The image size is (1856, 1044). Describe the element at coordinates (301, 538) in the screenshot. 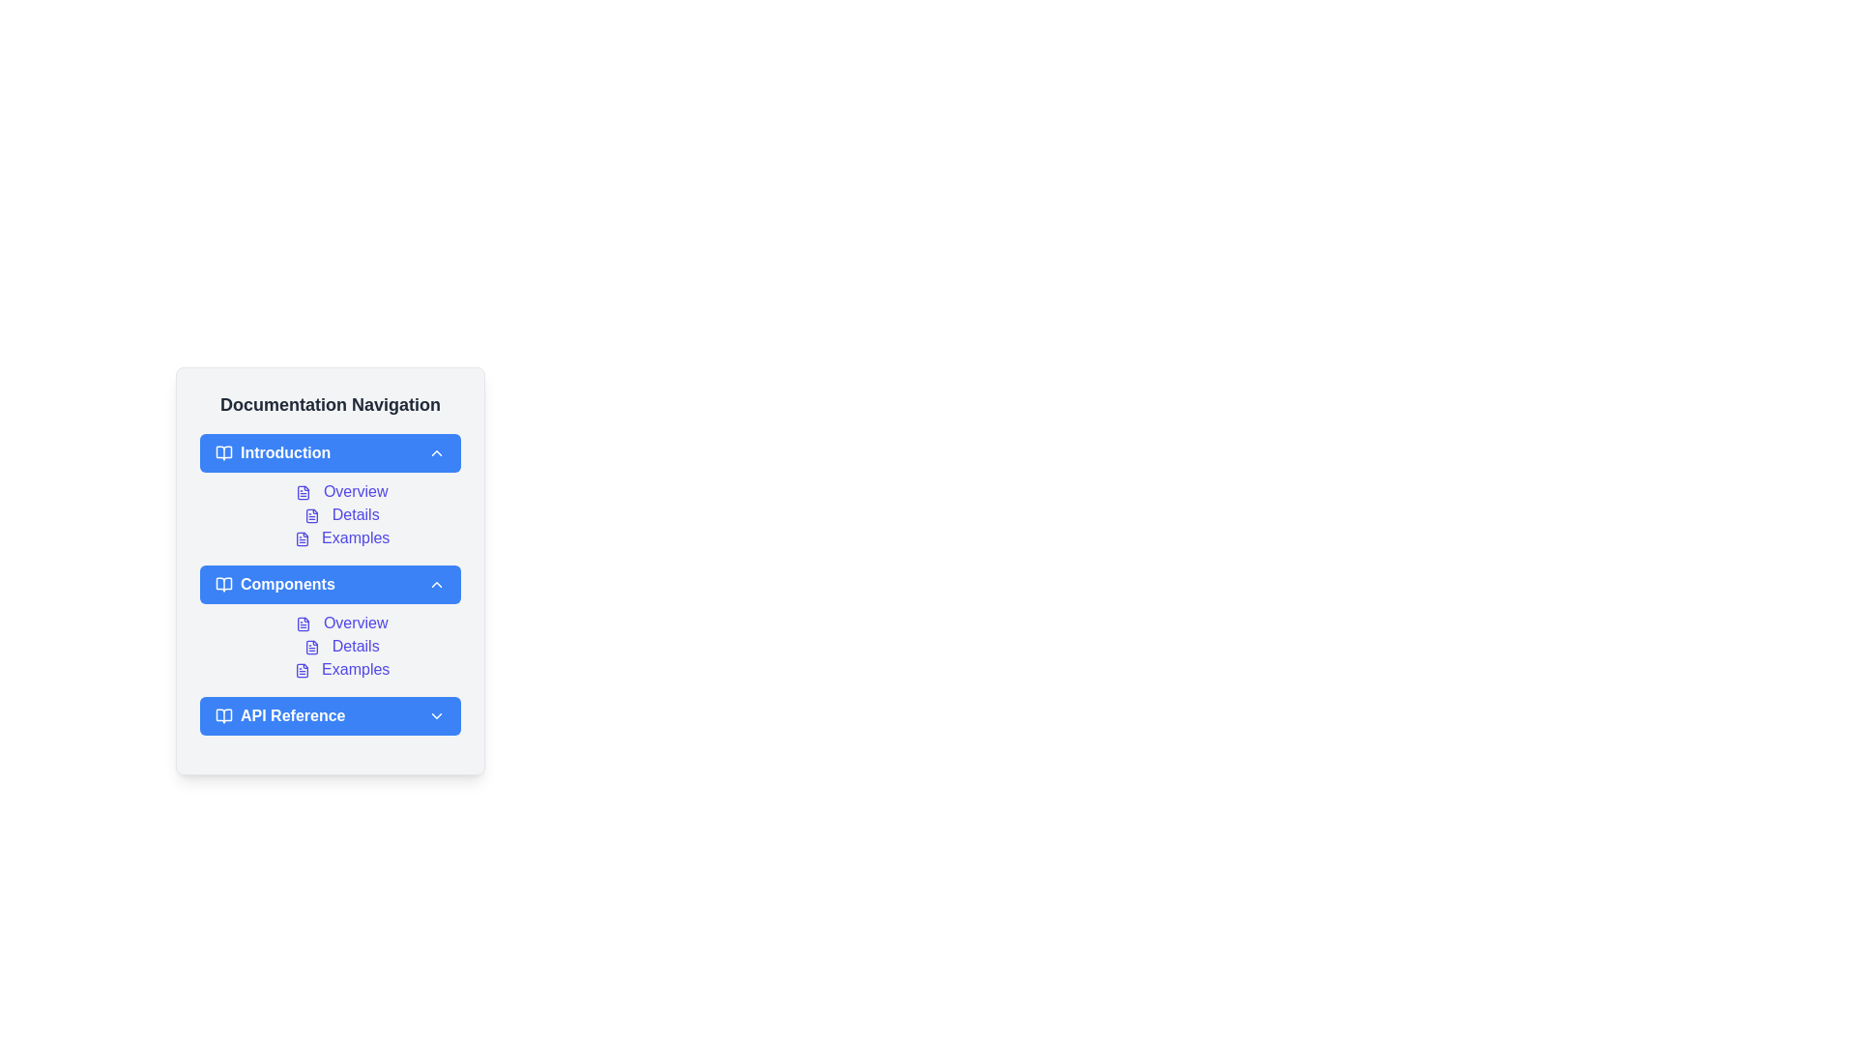

I see `the icon representing a file or document in the 'Documentation Navigation' menu, located in the 'Introduction' section` at that location.